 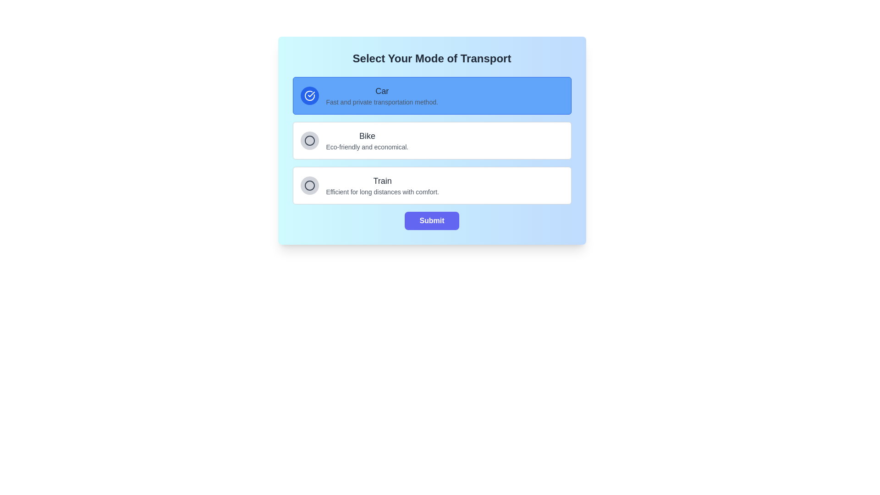 I want to click on the 'Submit' button, which is a rectangular button with a purple background and white text, located centrally below the options 'Car', 'Bike', and 'Train', so click(x=431, y=221).